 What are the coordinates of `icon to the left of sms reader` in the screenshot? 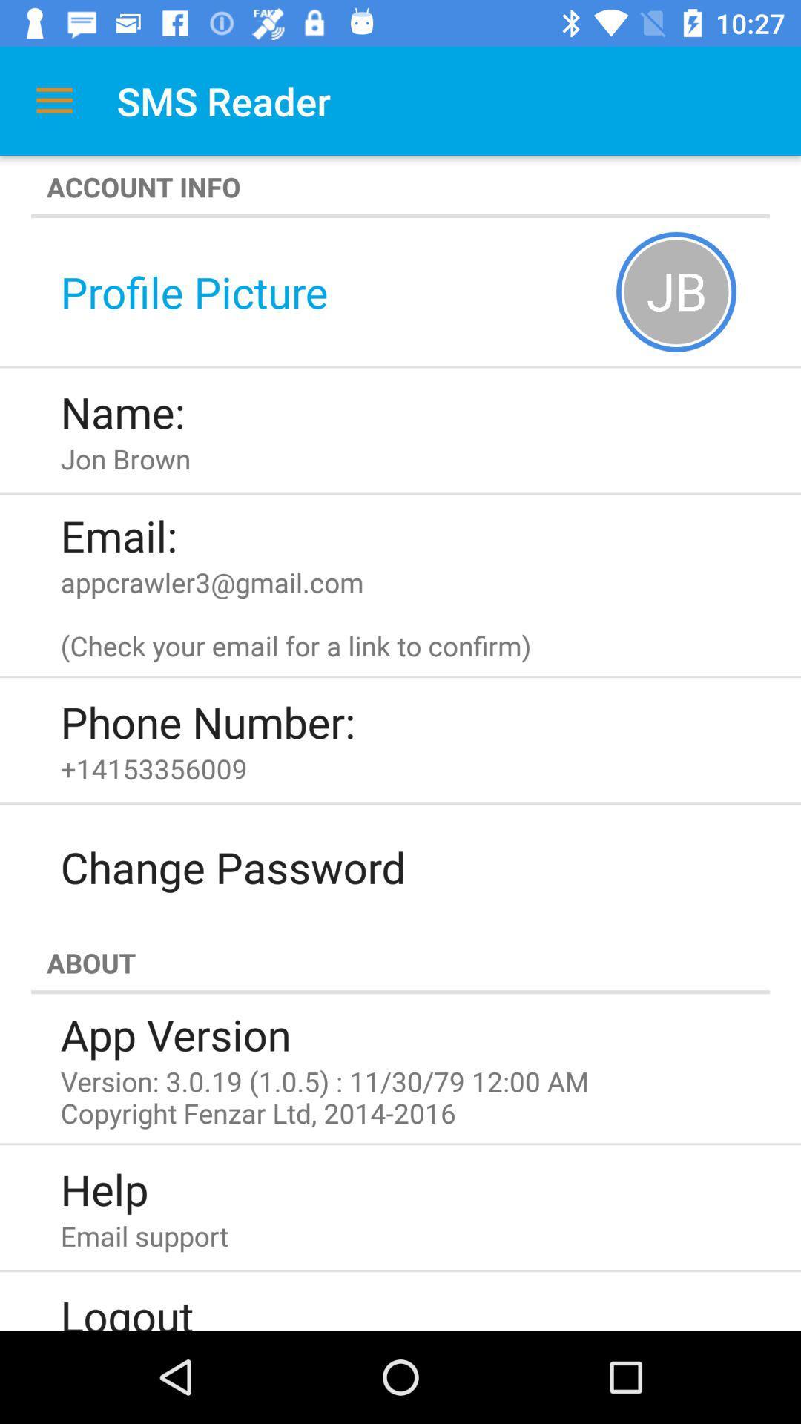 It's located at (53, 100).